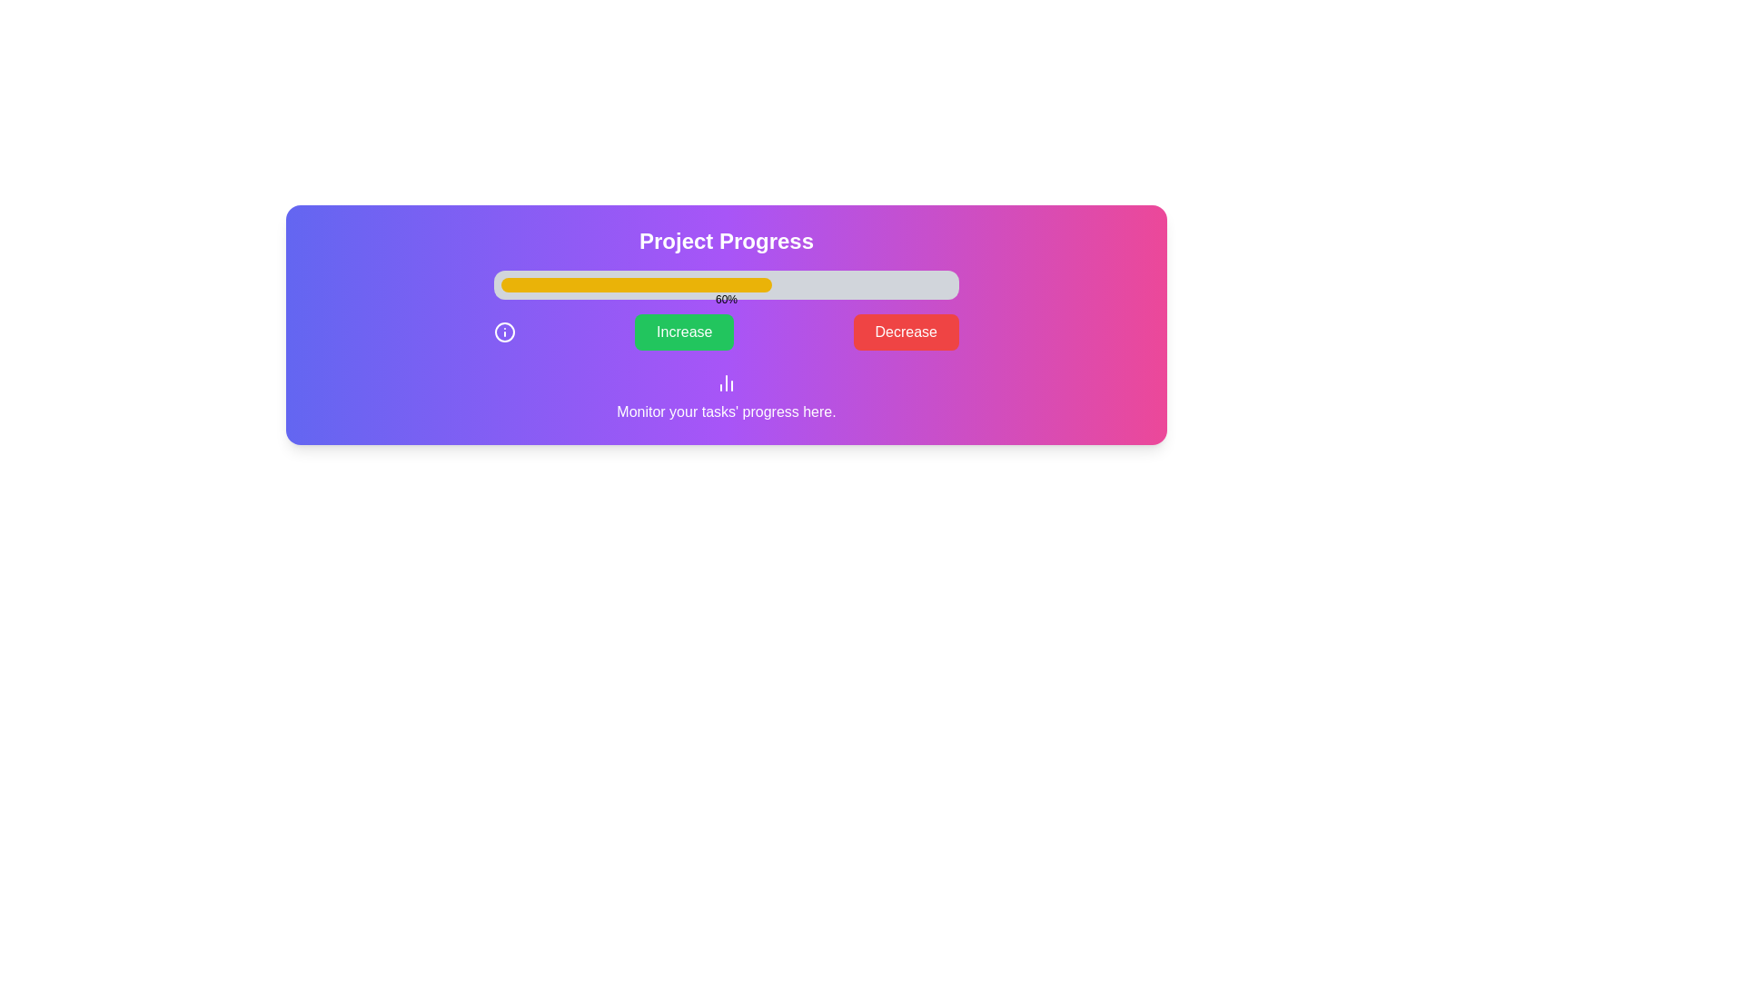 Image resolution: width=1744 pixels, height=981 pixels. I want to click on the Text Label displaying '60%' which is centered on the yellow progress bar, so click(727, 299).